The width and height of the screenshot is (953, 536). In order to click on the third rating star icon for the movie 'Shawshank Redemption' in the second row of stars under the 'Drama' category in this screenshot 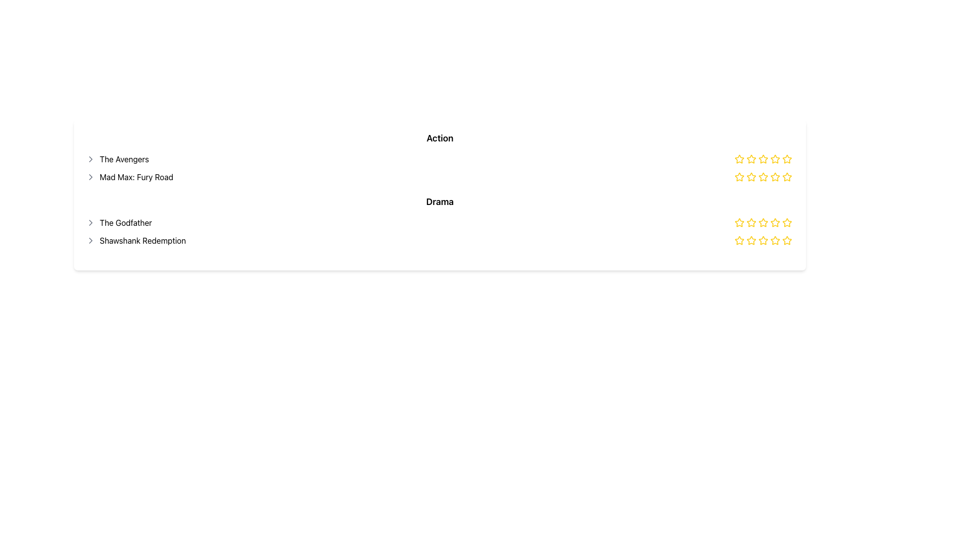, I will do `click(751, 241)`.